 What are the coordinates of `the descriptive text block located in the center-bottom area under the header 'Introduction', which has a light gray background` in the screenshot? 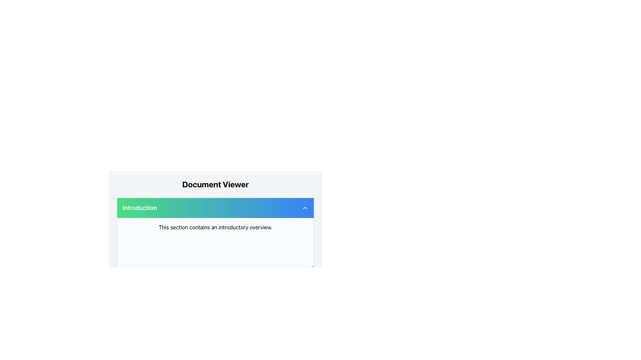 It's located at (215, 227).